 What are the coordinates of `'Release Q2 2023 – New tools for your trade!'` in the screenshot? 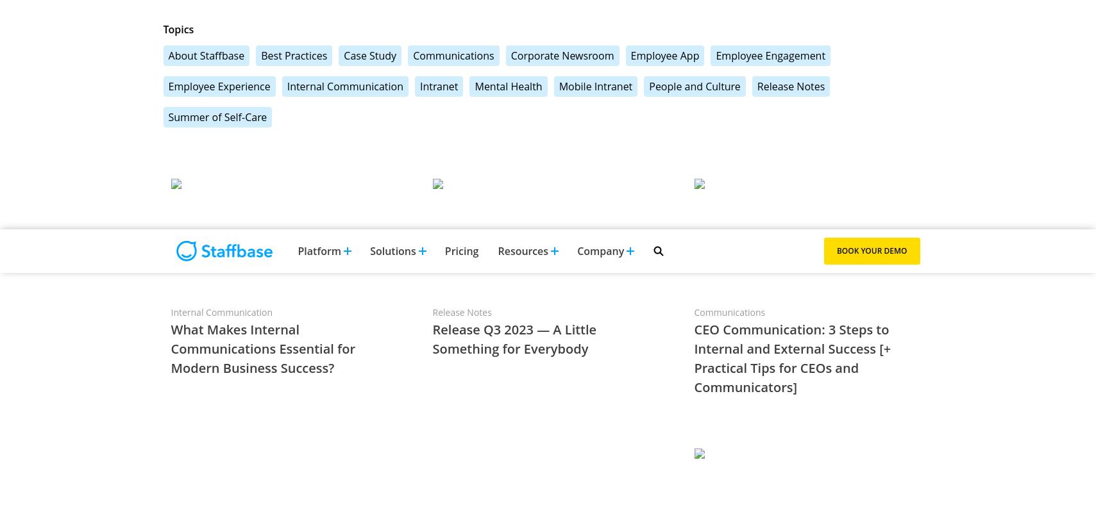 It's located at (284, 81).